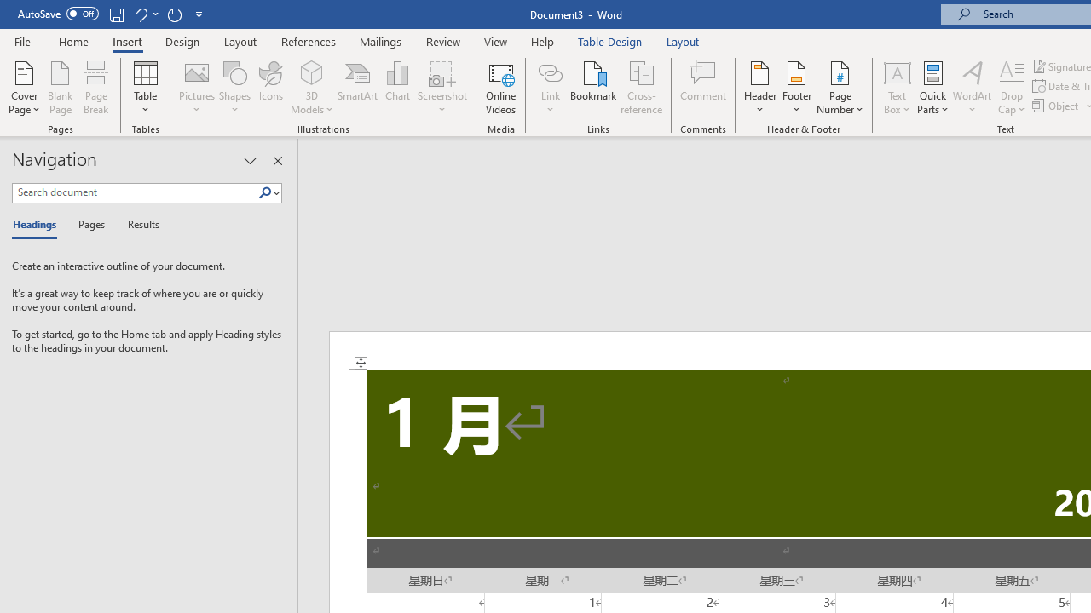 The width and height of the screenshot is (1091, 613). I want to click on 'Page Break', so click(95, 88).